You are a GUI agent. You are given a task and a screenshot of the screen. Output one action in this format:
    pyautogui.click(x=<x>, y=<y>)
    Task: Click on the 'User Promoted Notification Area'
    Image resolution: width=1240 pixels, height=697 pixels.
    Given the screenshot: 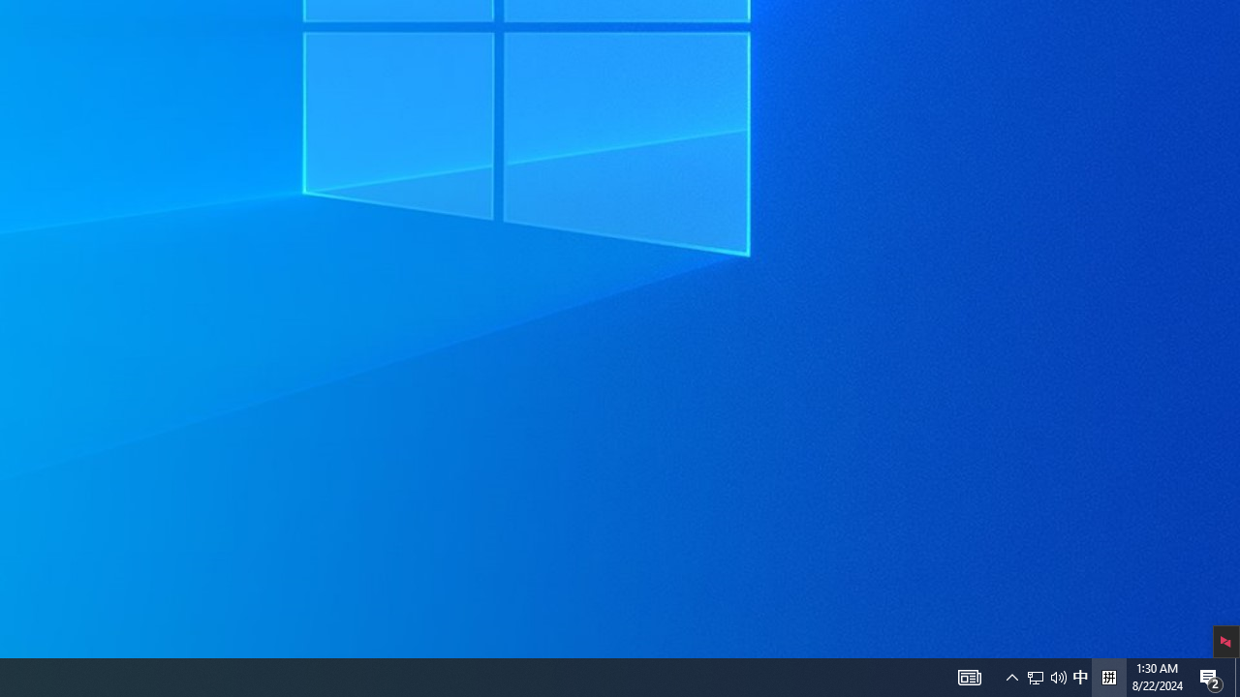 What is the action you would take?
    pyautogui.click(x=1035, y=676)
    